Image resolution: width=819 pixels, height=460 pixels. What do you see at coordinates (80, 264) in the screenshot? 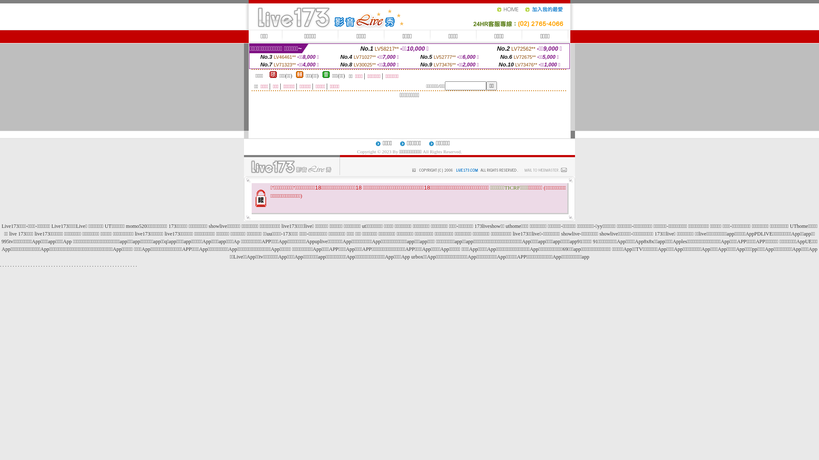
I see `'.'` at bounding box center [80, 264].